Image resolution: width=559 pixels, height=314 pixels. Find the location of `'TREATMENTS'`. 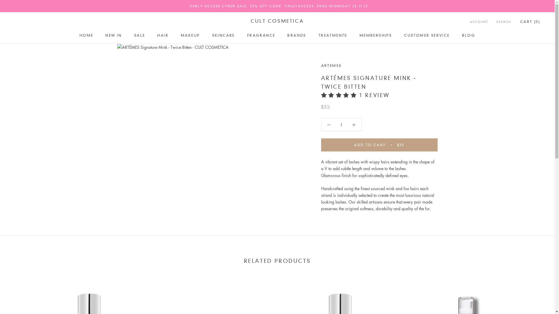

'TREATMENTS' is located at coordinates (333, 35).